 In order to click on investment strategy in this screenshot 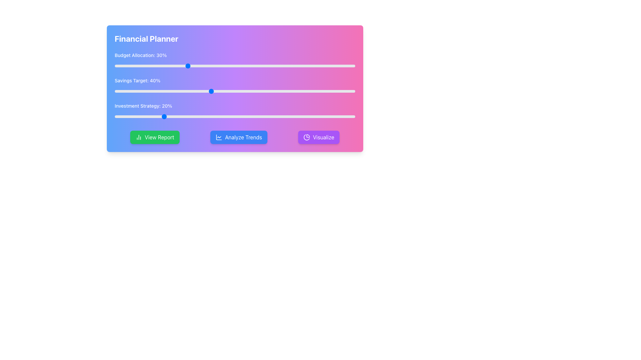, I will do `click(294, 116)`.